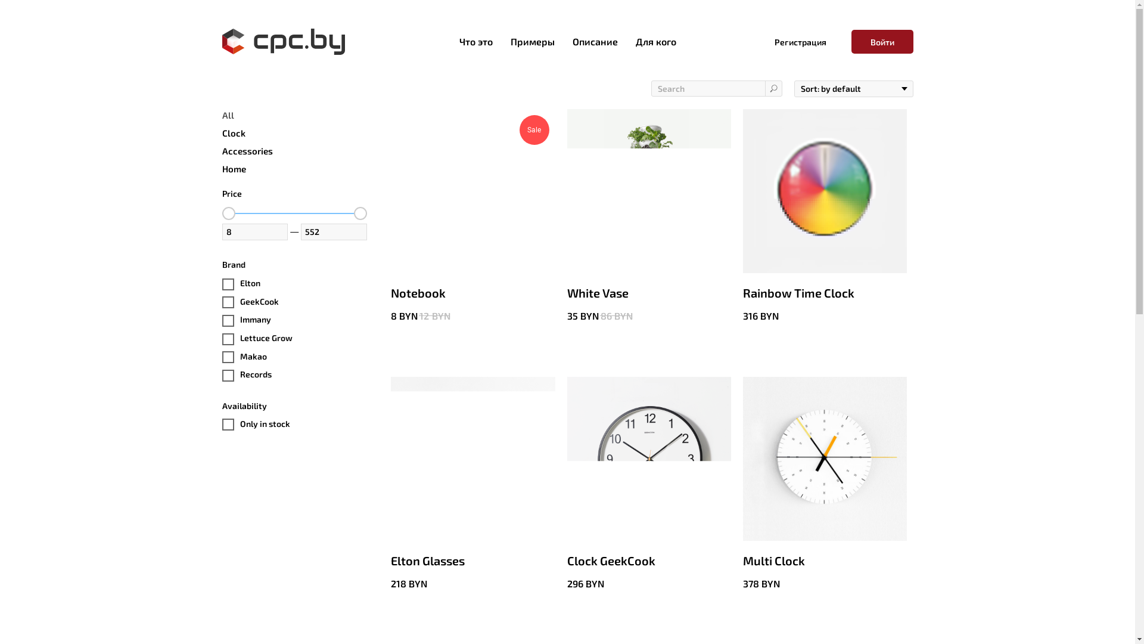 This screenshot has height=644, width=1144. What do you see at coordinates (472, 484) in the screenshot?
I see `'Elton Glasses` at bounding box center [472, 484].